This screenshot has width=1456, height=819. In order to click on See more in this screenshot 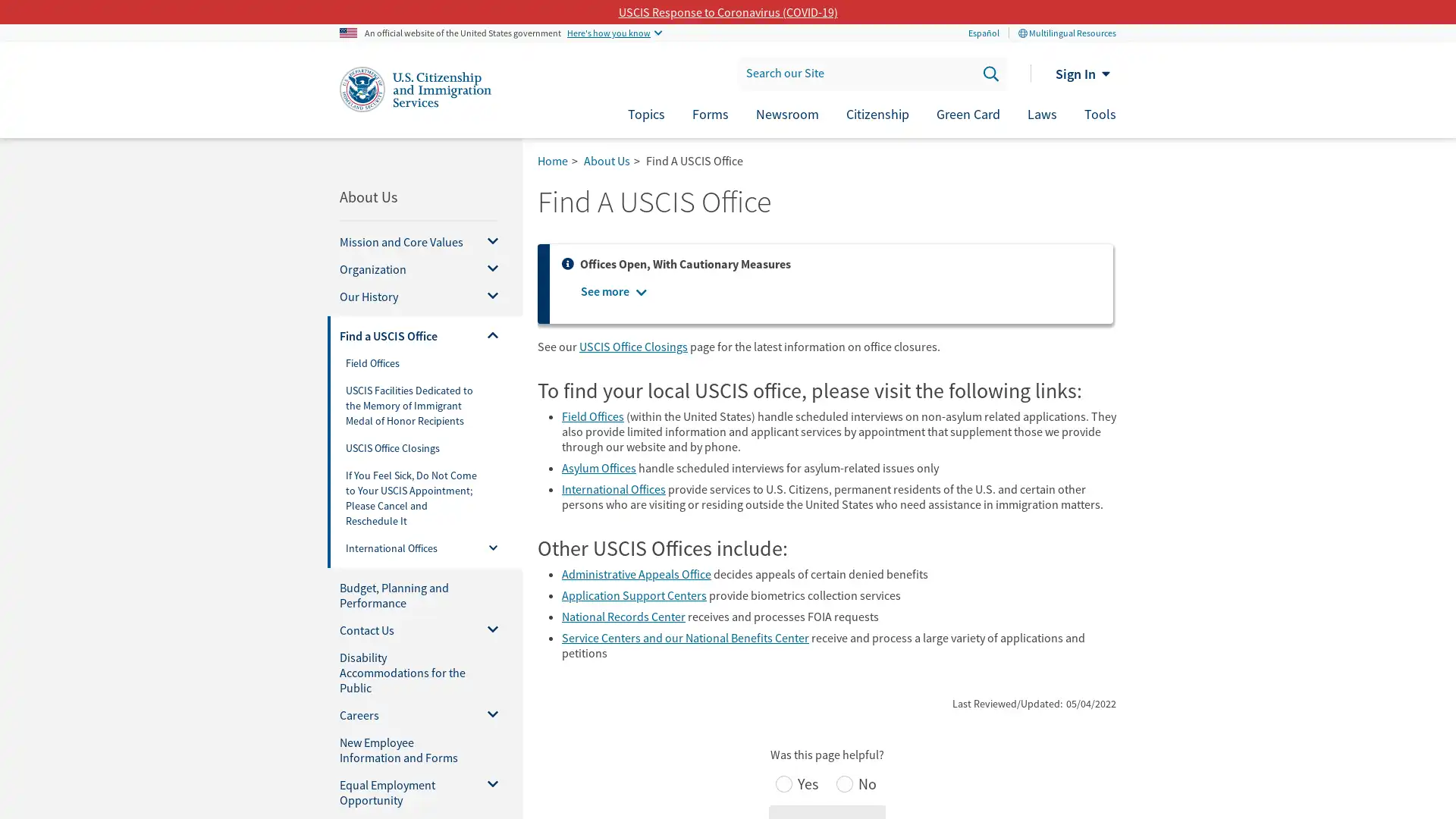, I will do `click(604, 291)`.